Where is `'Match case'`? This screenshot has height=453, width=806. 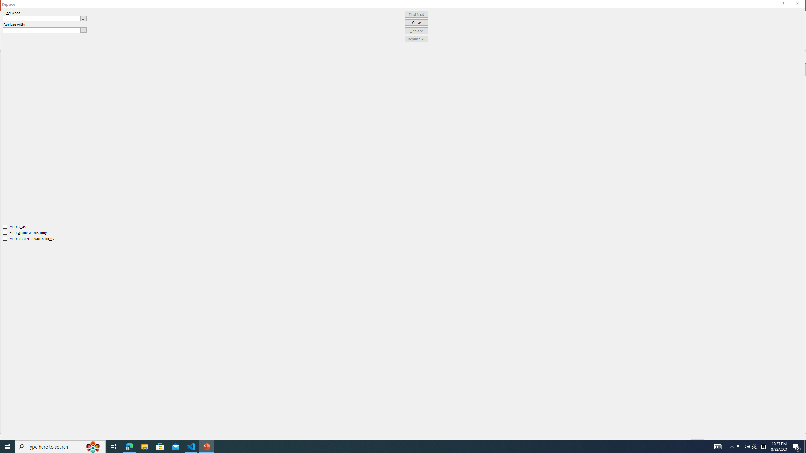 'Match case' is located at coordinates (15, 226).